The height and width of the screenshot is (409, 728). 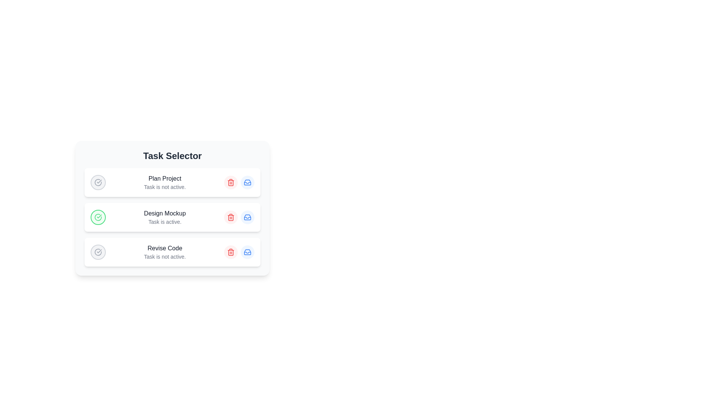 What do you see at coordinates (98, 217) in the screenshot?
I see `the green circular Status Indicator Icon with a checkmark, located to the left of the 'Design Mockup' label in the task list, to interact with it` at bounding box center [98, 217].